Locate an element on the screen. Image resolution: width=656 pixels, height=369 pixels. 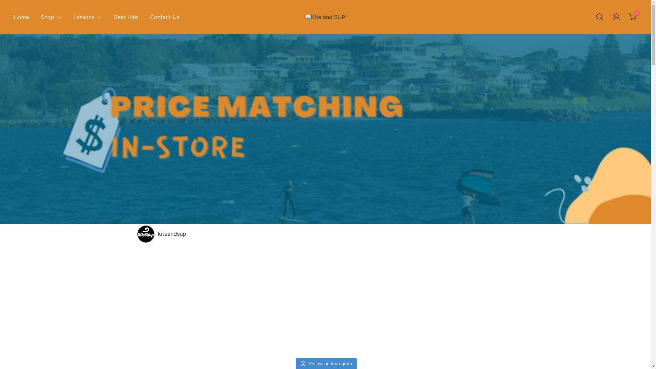
'Kite and SUP' is located at coordinates (326, 27).